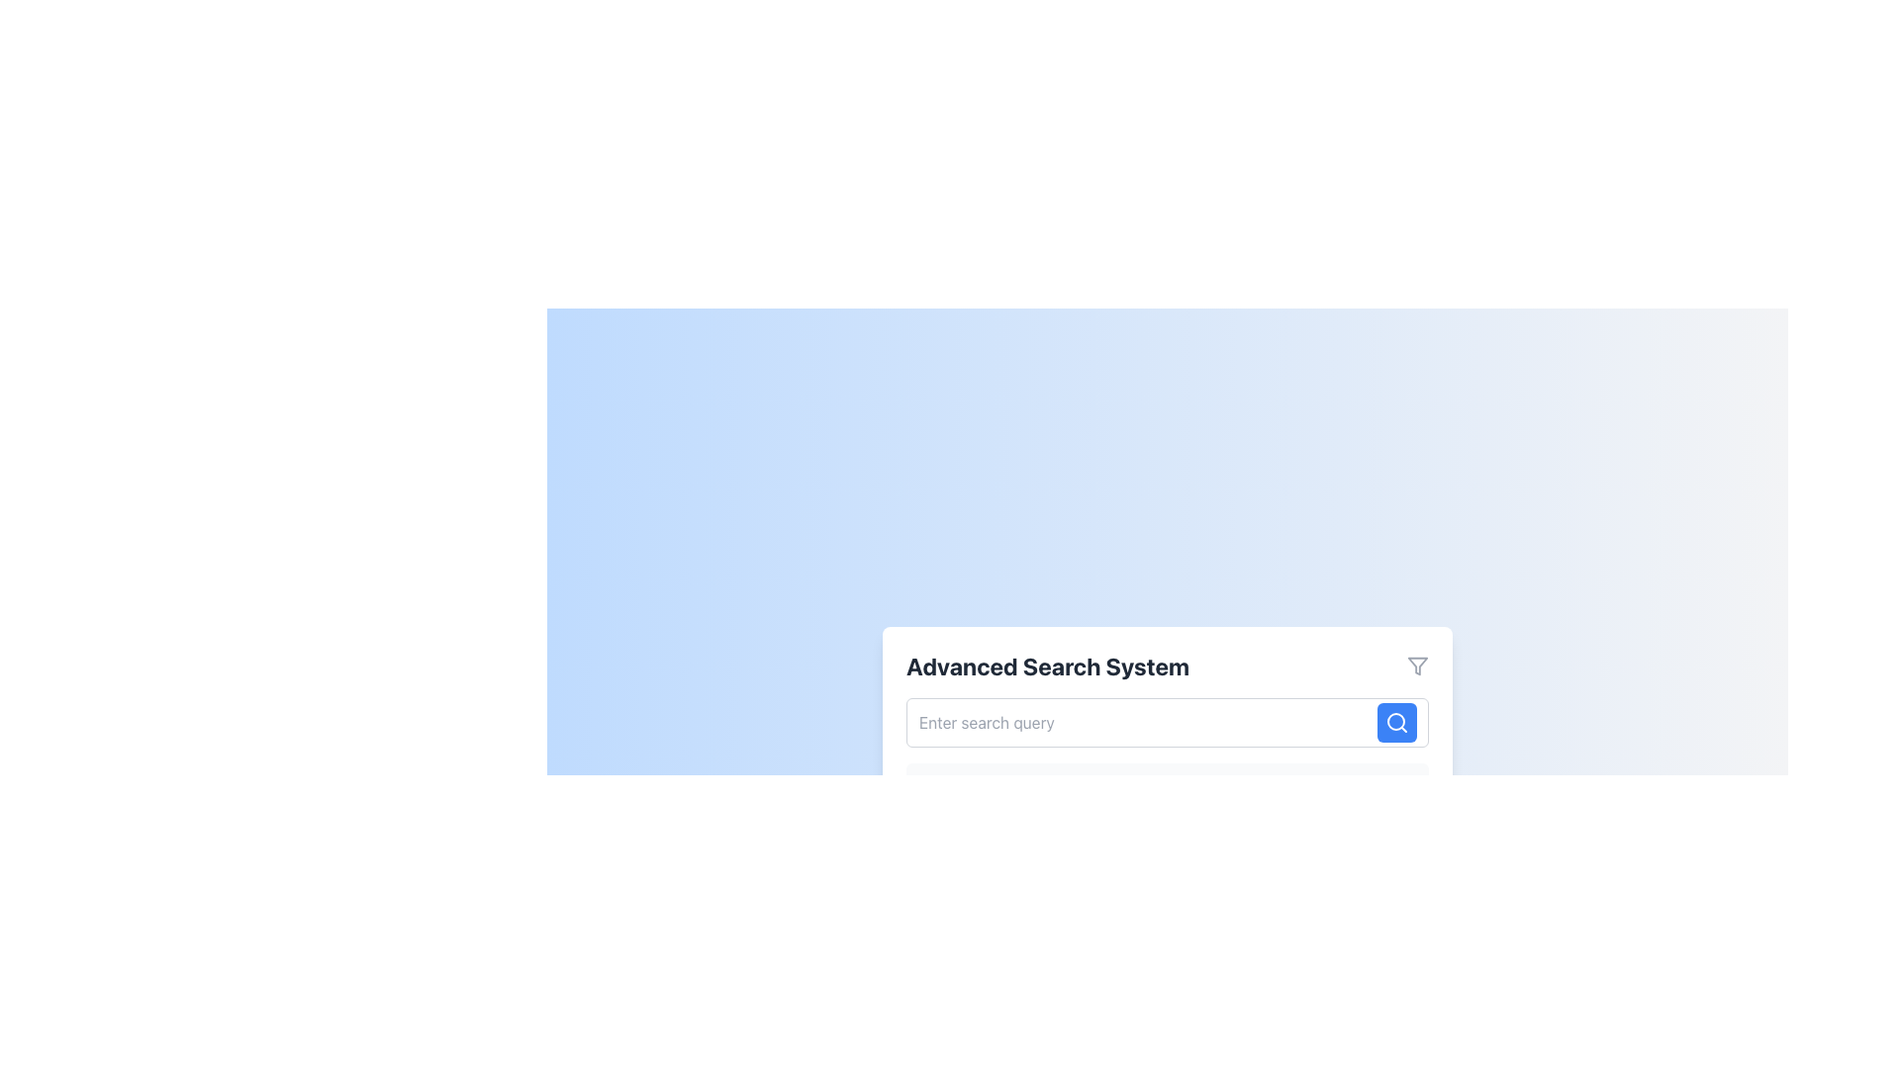 The width and height of the screenshot is (1900, 1068). Describe the element at coordinates (1417, 667) in the screenshot. I see `the small gray filter funnel icon located in the upper right corner of the 'Advanced Search System' header` at that location.